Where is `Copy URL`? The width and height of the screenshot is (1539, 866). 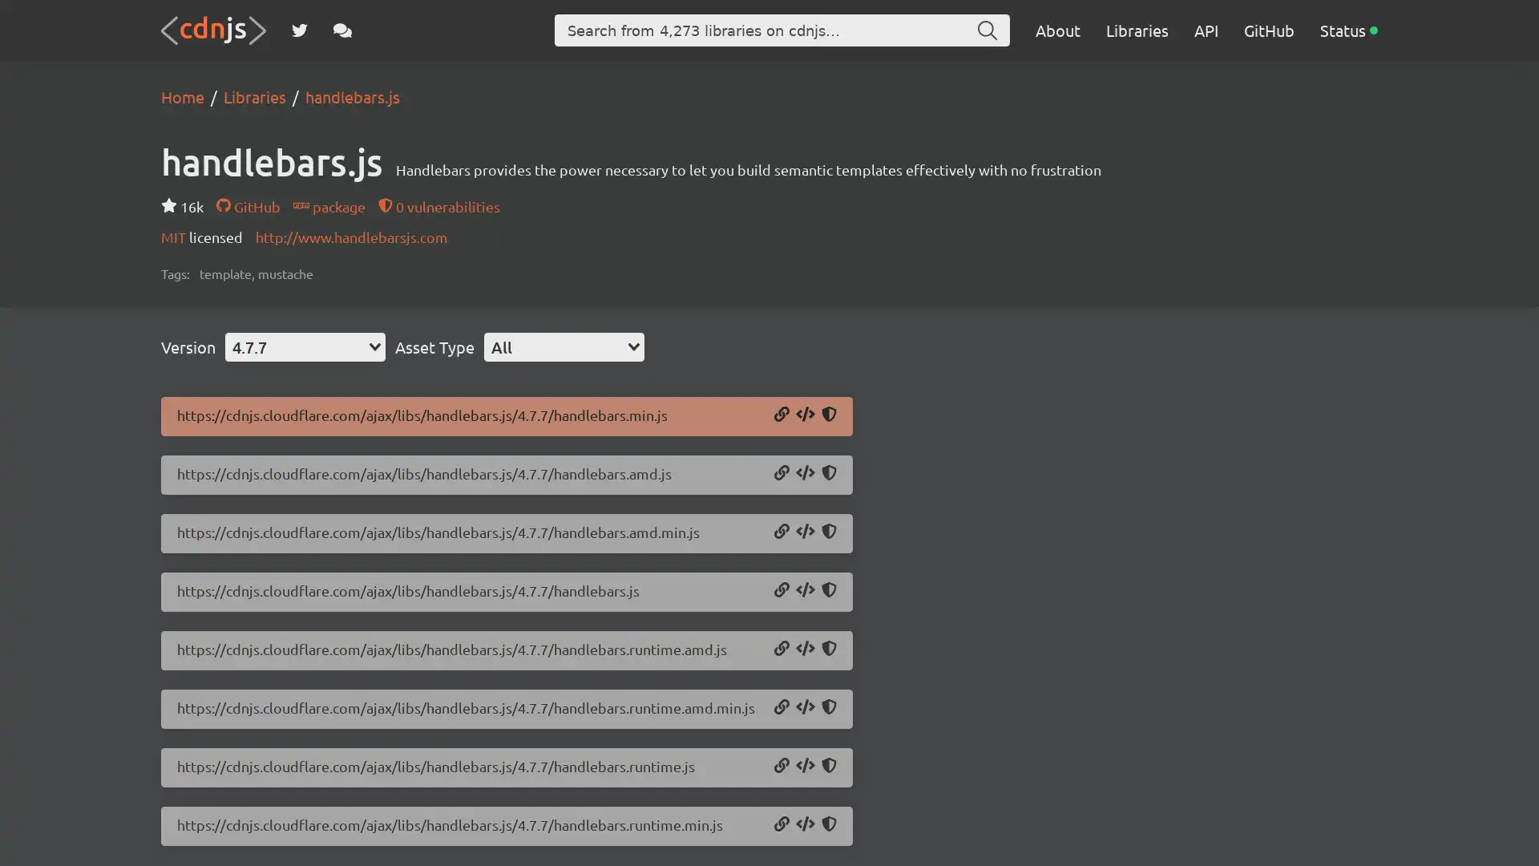 Copy URL is located at coordinates (782, 473).